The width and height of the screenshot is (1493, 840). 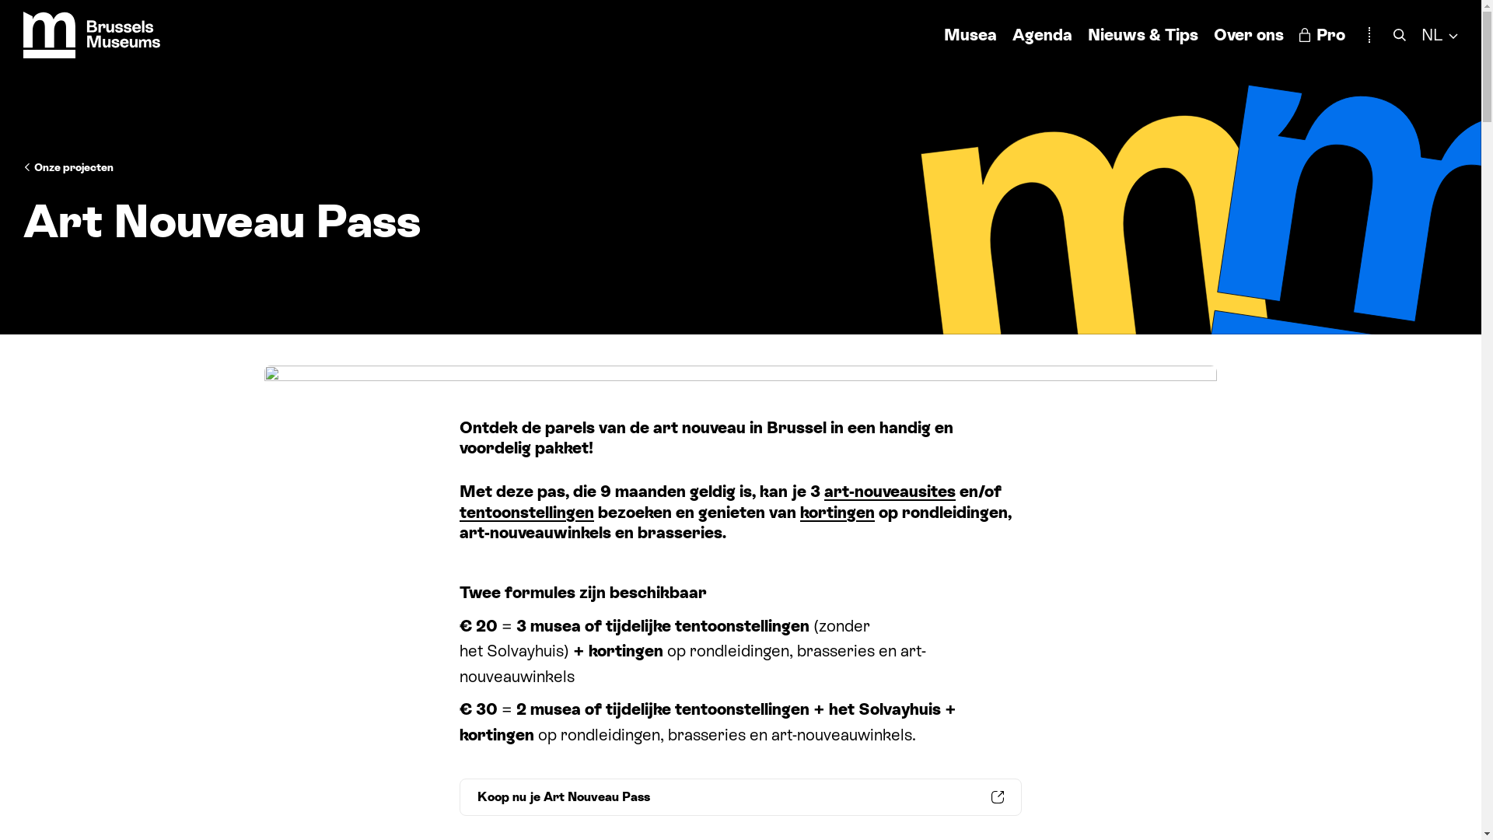 What do you see at coordinates (23, 167) in the screenshot?
I see `'Onze projecten'` at bounding box center [23, 167].